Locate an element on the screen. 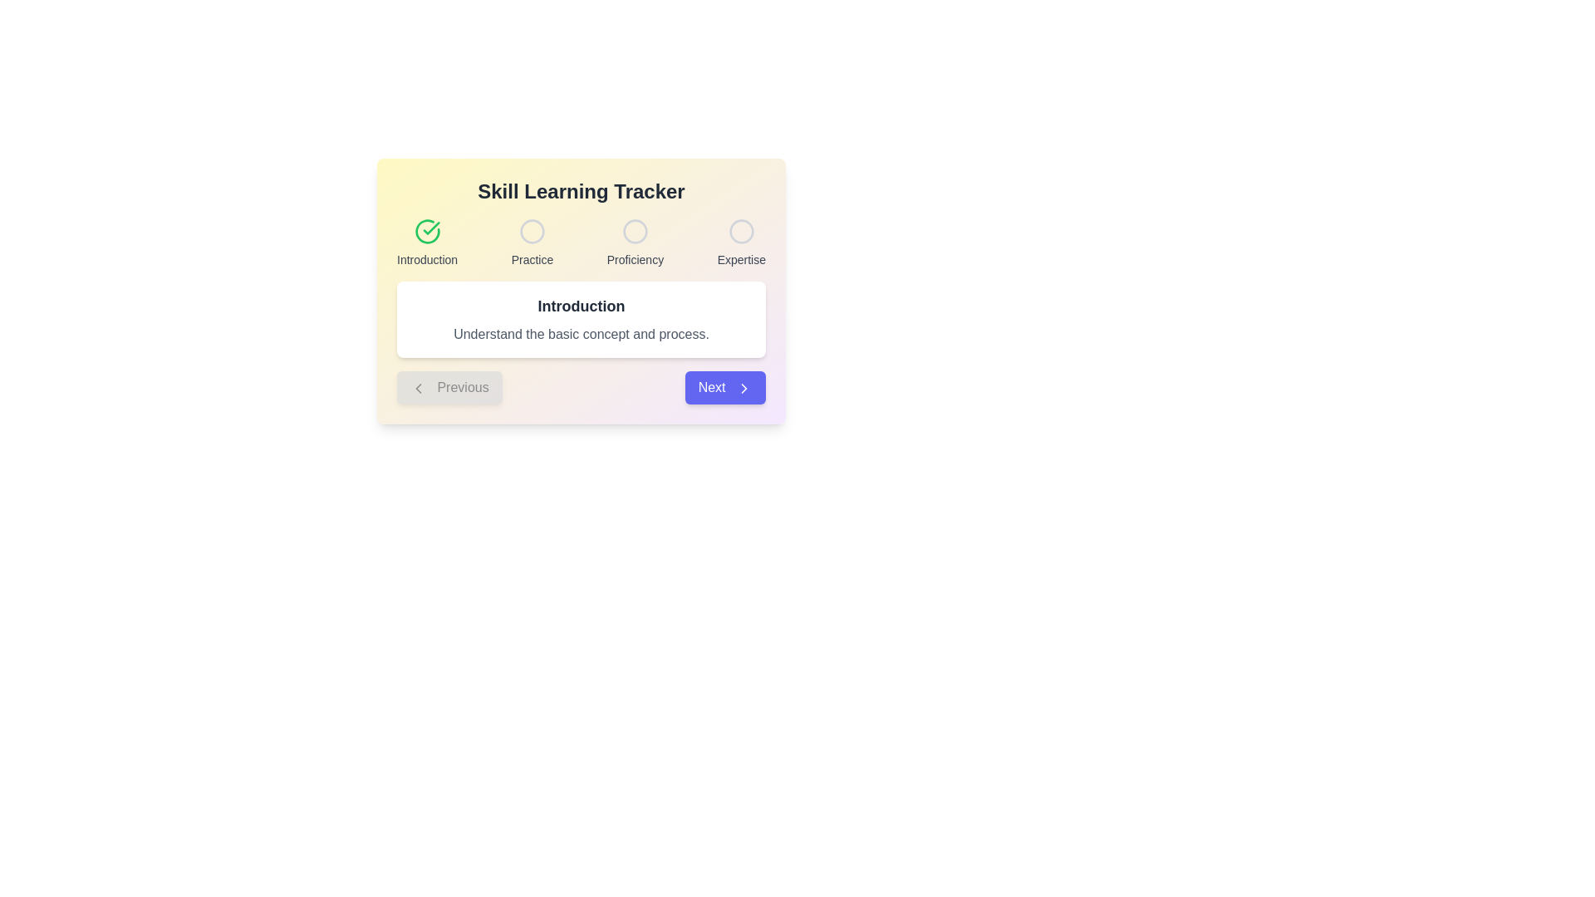 Image resolution: width=1595 pixels, height=897 pixels. the text label located below the green checkmark icon in the 'Skill Learning Tracker' section header is located at coordinates (427, 259).